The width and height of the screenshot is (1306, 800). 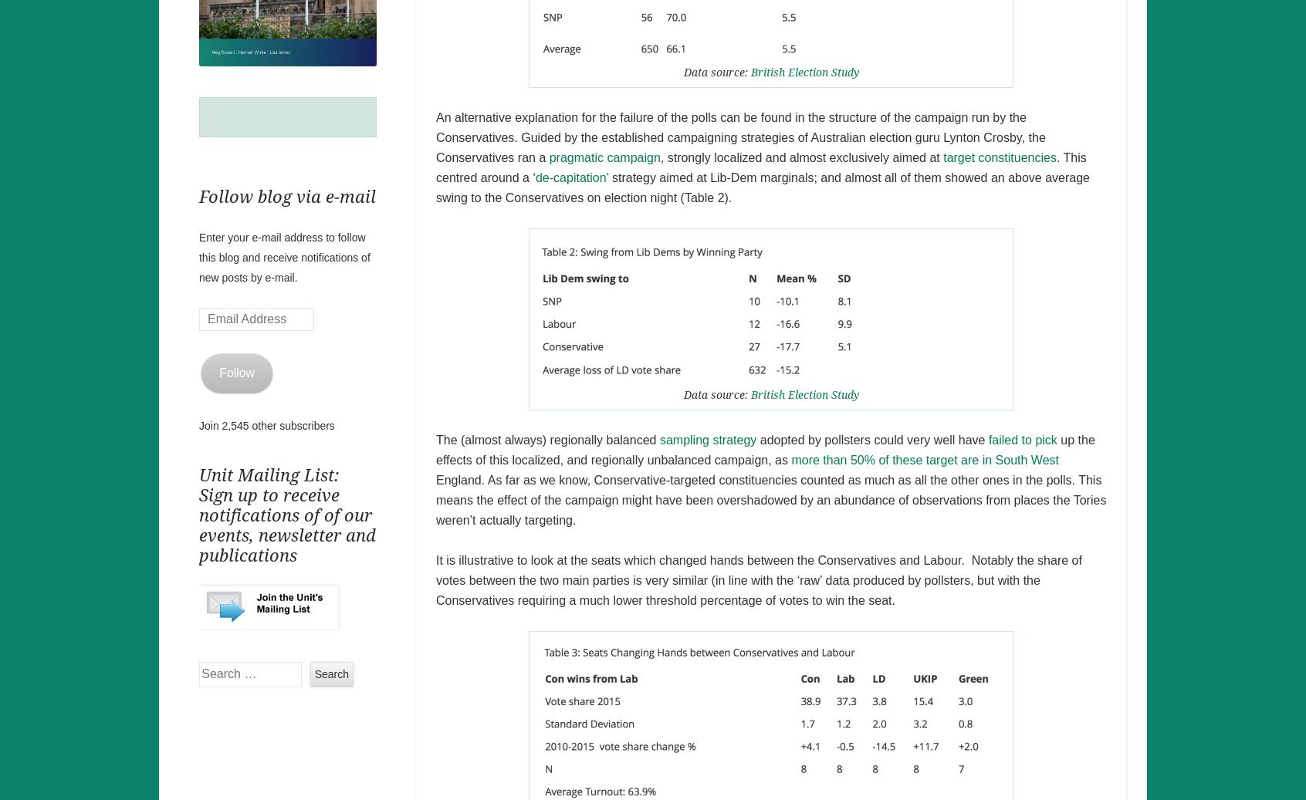 I want to click on 'de-capitation’', so click(x=570, y=176).